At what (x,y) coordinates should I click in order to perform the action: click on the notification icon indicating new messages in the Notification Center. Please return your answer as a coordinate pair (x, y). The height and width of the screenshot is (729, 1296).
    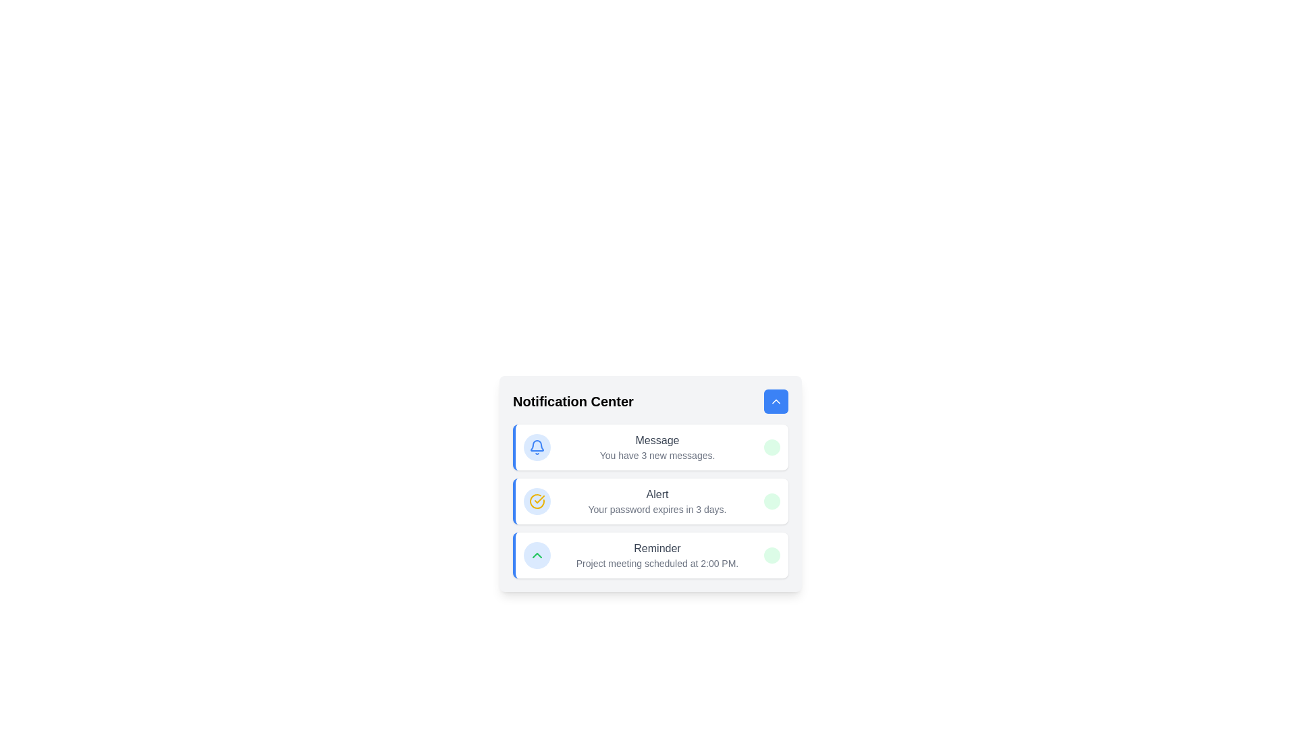
    Looking at the image, I should click on (537, 448).